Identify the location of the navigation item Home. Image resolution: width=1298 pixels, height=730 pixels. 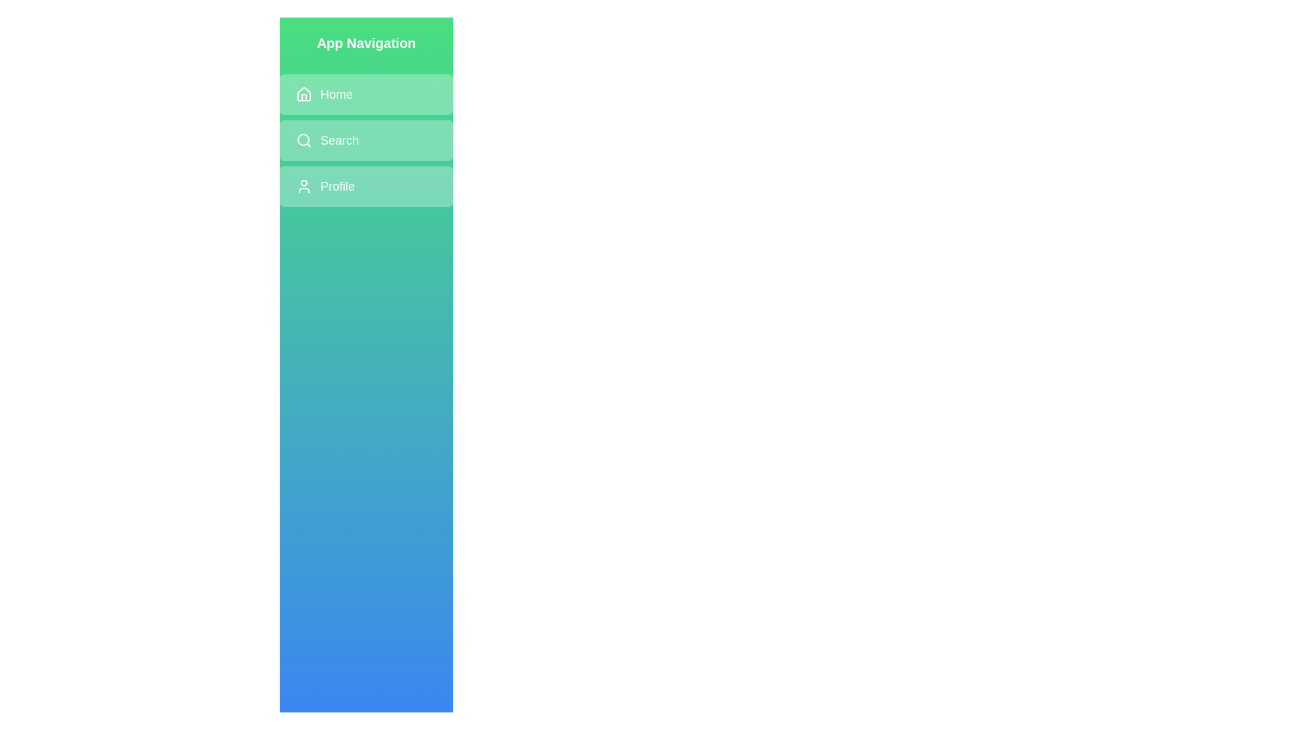
(366, 93).